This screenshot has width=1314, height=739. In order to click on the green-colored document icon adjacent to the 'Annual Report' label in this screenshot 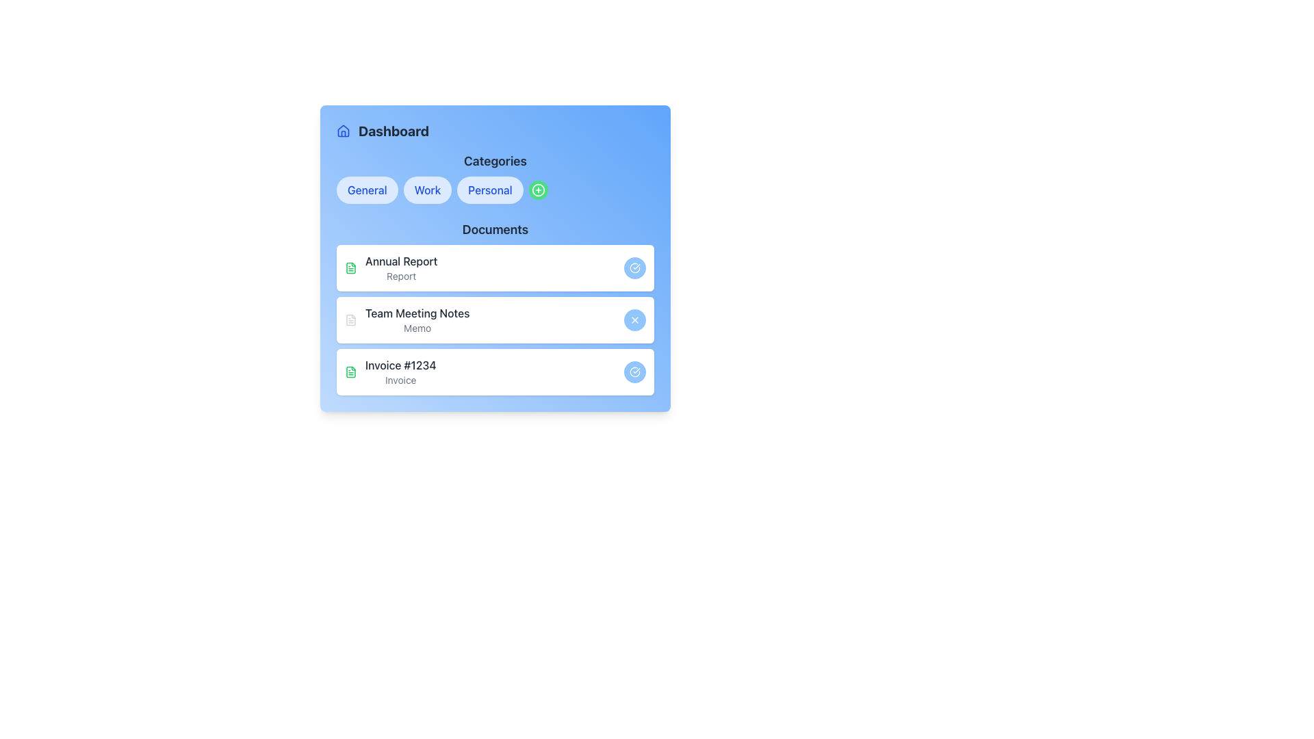, I will do `click(351, 268)`.